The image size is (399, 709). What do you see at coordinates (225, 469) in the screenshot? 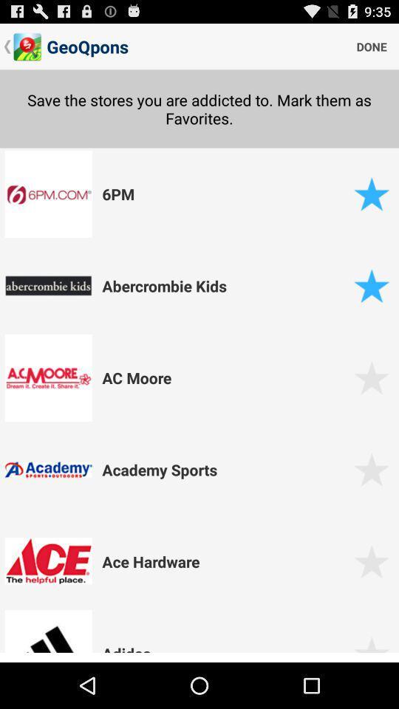
I see `the academy sports app` at bounding box center [225, 469].